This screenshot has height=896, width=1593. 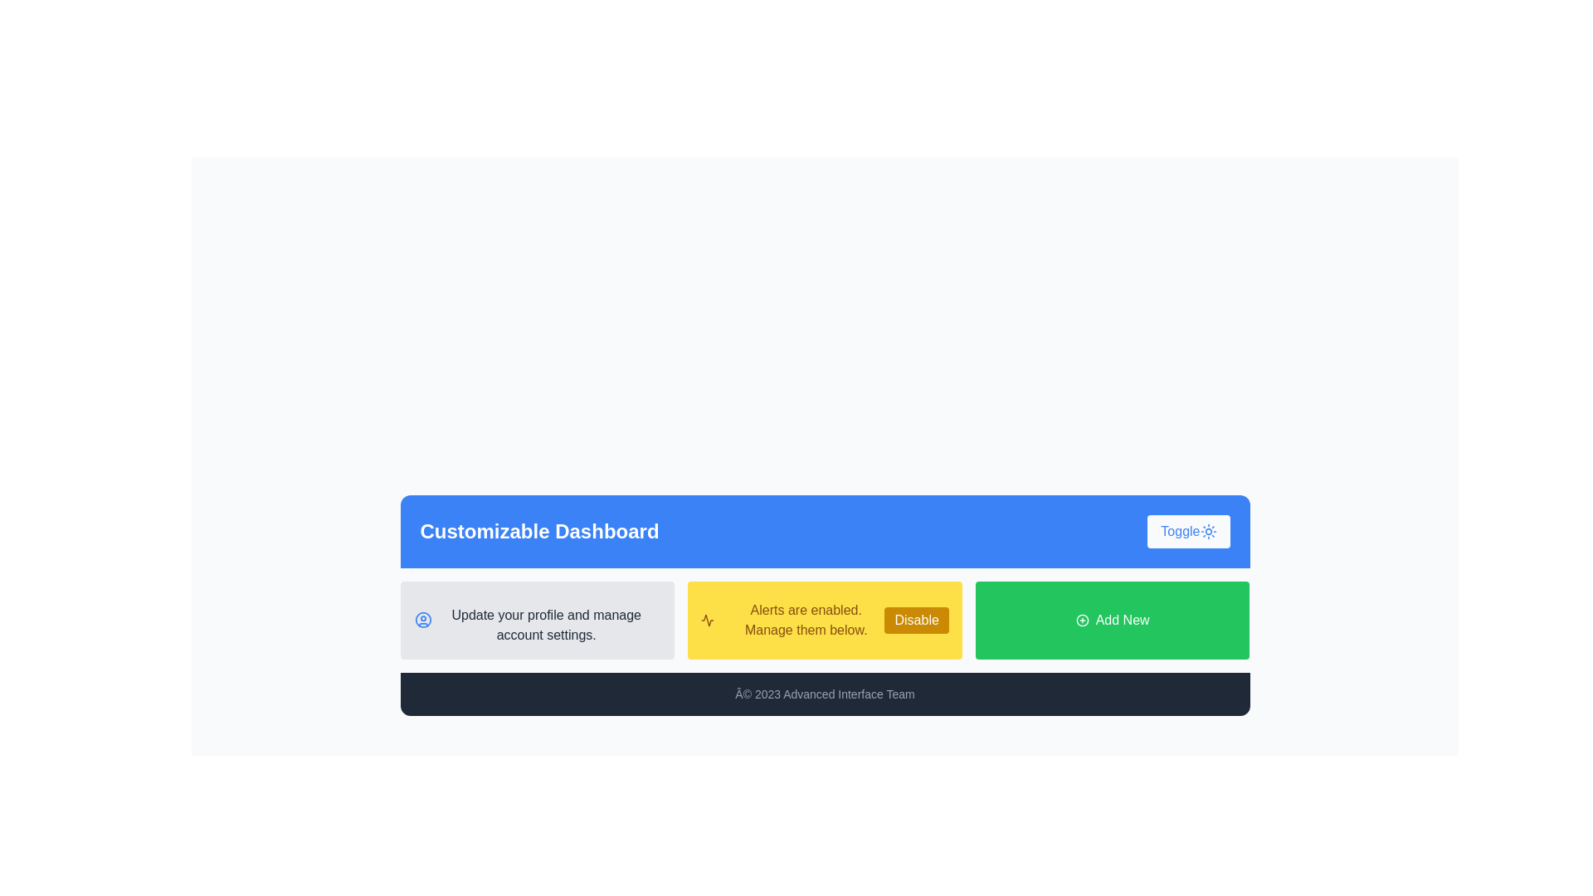 I want to click on the visual representation of the circle shape element located at the top-left corner of the gray box below the blue header bar, so click(x=423, y=621).